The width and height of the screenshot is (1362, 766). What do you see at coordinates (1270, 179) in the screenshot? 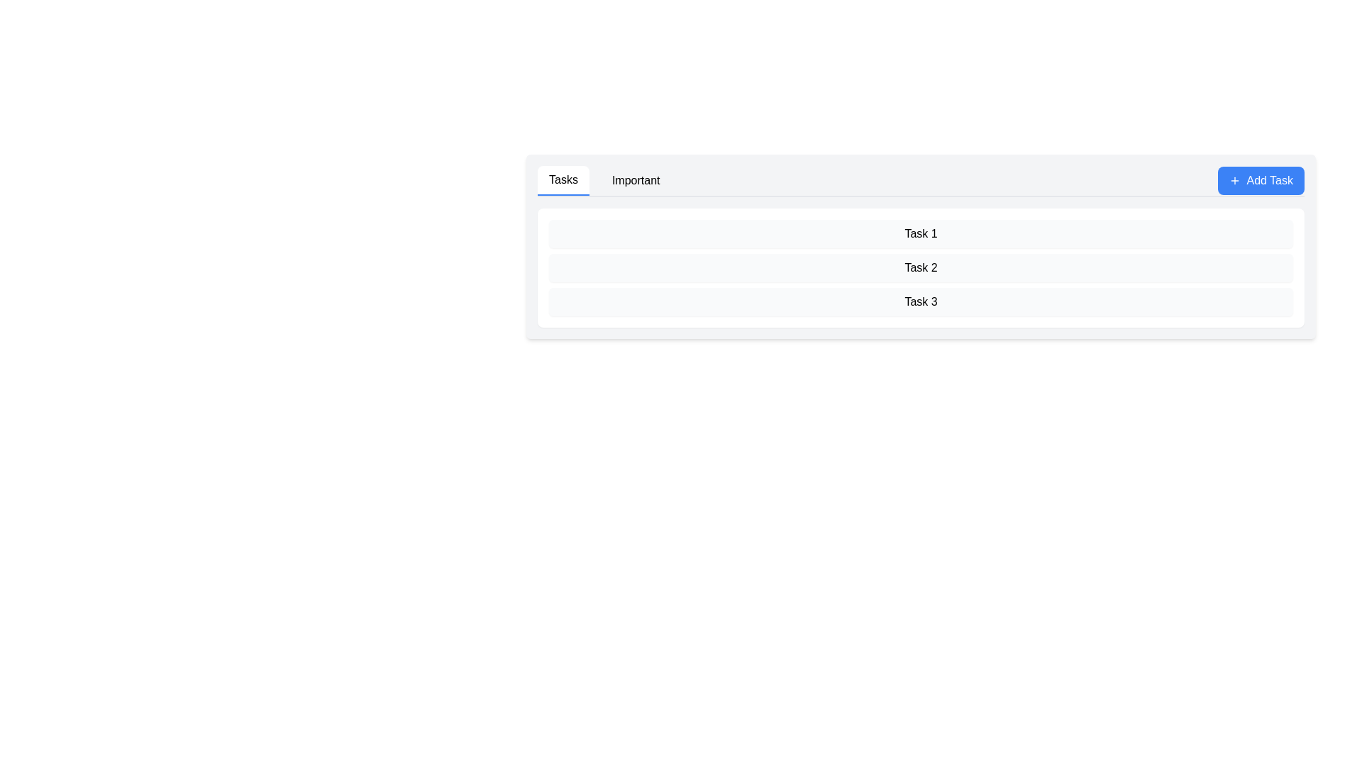
I see `the 'Add Task' text label located on the blue button` at bounding box center [1270, 179].